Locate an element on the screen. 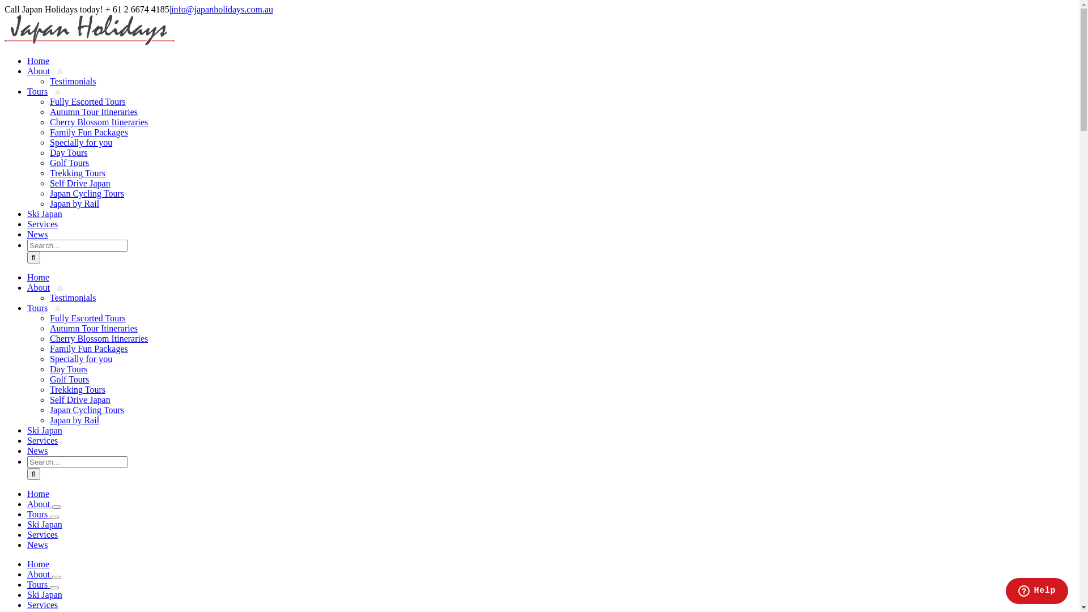  'Home' is located at coordinates (38, 493).